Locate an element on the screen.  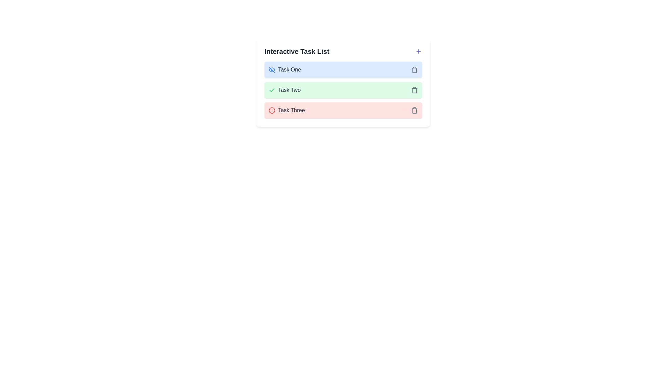
text label for the task located in the second row of the task list, which follows 'Task One' and is contained within a green-highlighted box is located at coordinates (289, 90).